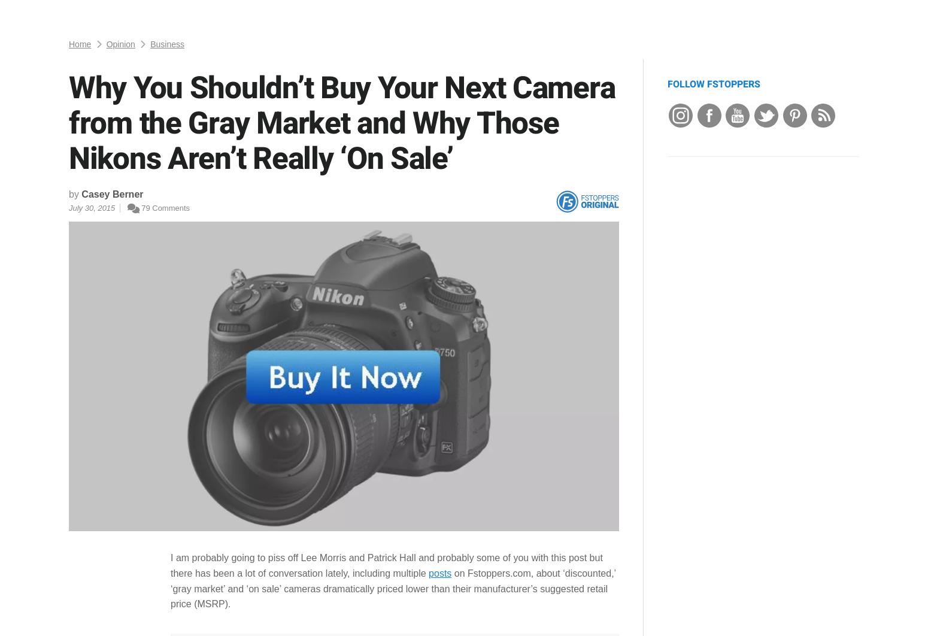 The height and width of the screenshot is (636, 928). Describe the element at coordinates (105, 14) in the screenshot. I see `'Latest'` at that location.